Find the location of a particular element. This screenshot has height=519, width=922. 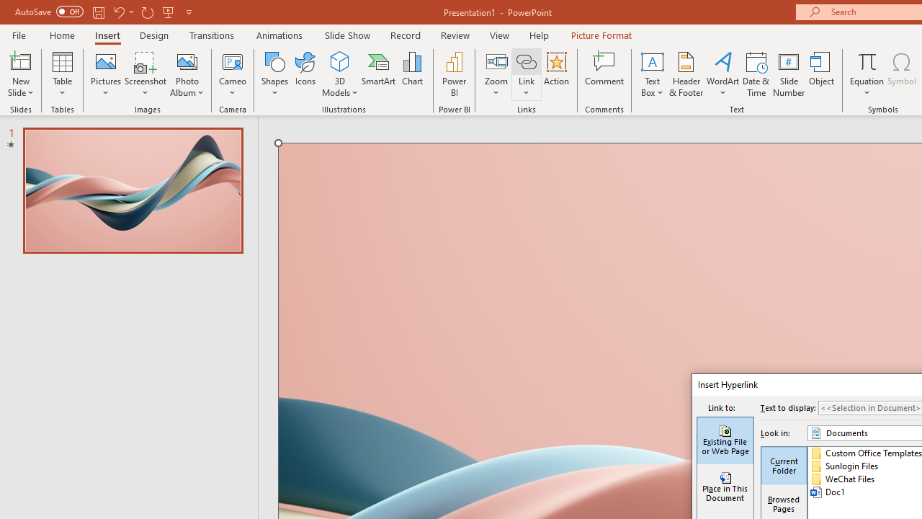

'Place in This Document' is located at coordinates (725, 487).